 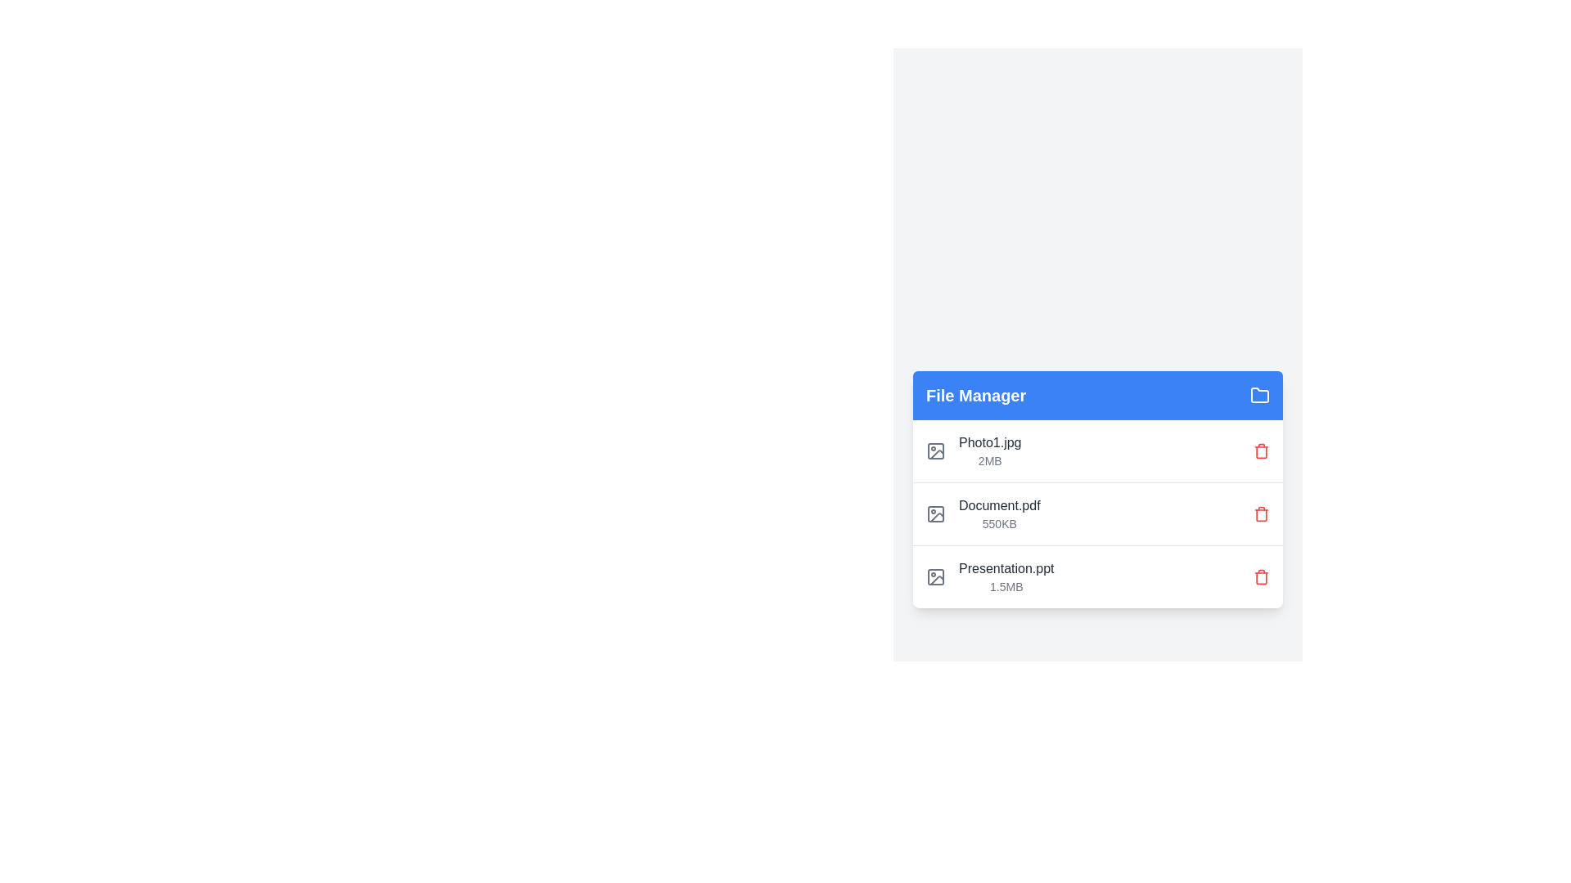 What do you see at coordinates (1259, 395) in the screenshot?
I see `the folder icon located in the top-right corner of the 'File Manager' section, which is highlighted with a blue banner` at bounding box center [1259, 395].